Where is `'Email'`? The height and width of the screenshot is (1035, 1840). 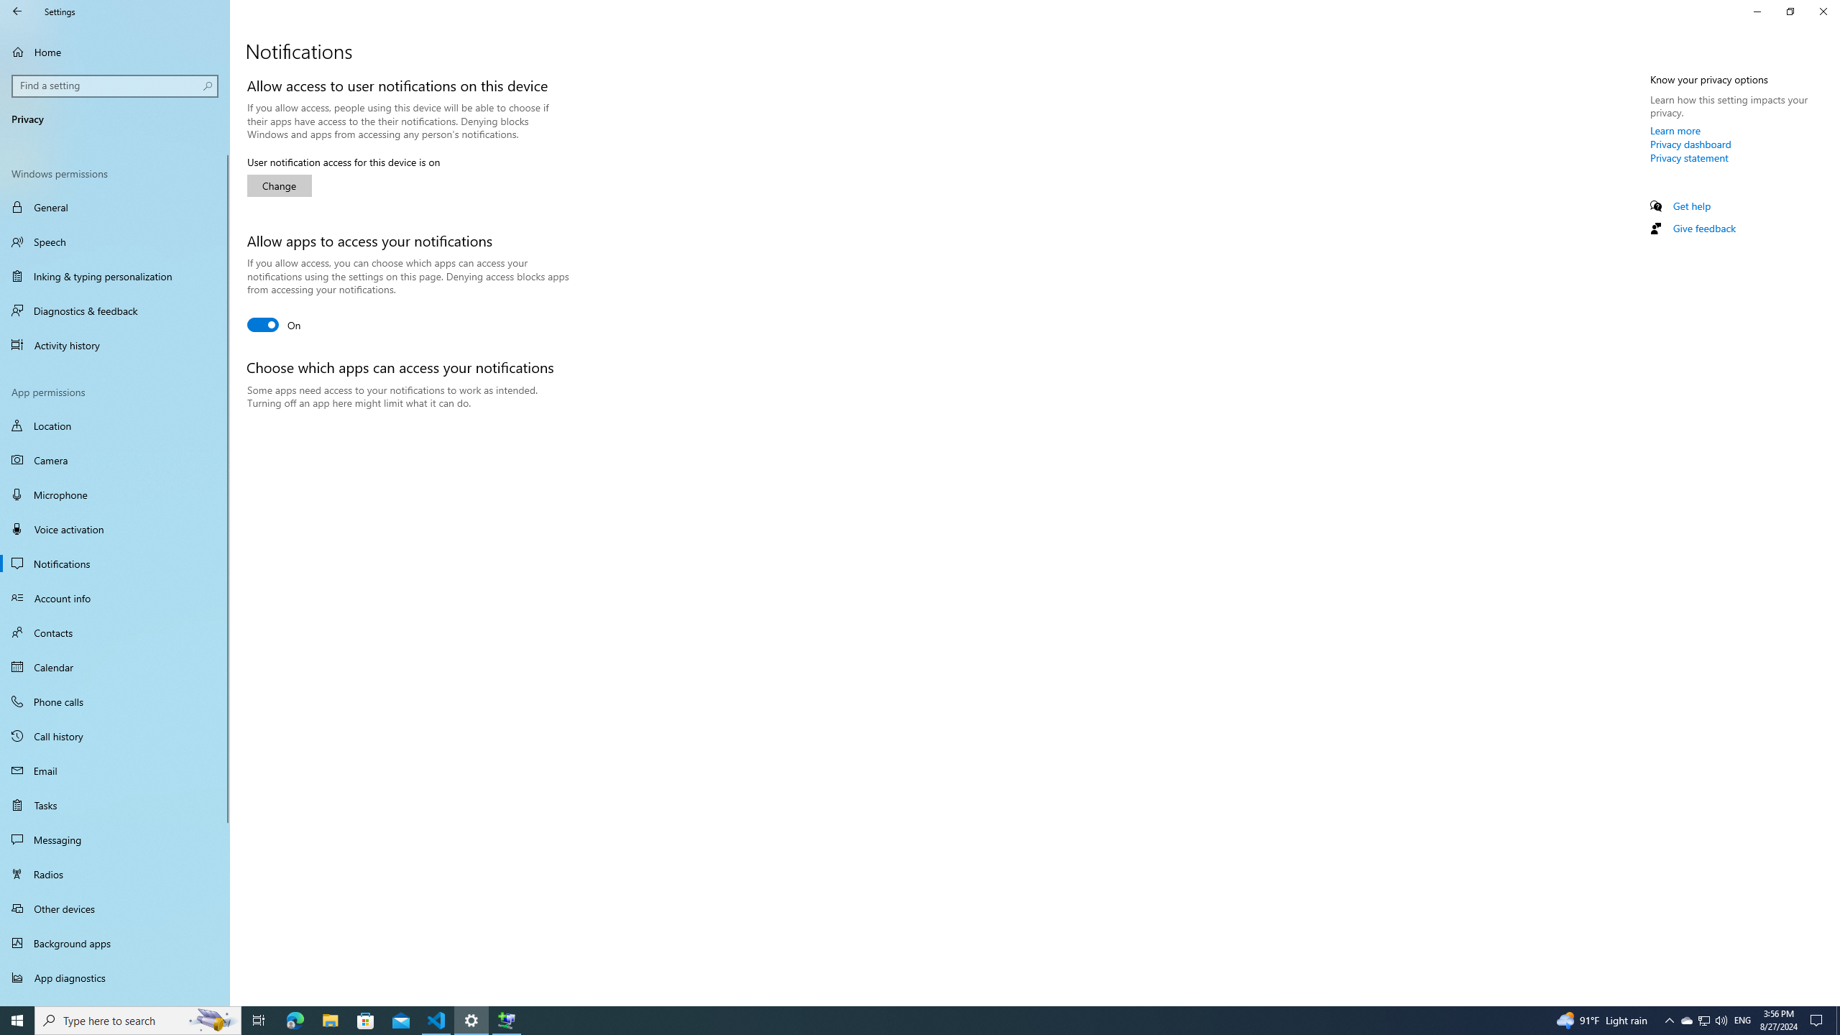 'Email' is located at coordinates (114, 770).